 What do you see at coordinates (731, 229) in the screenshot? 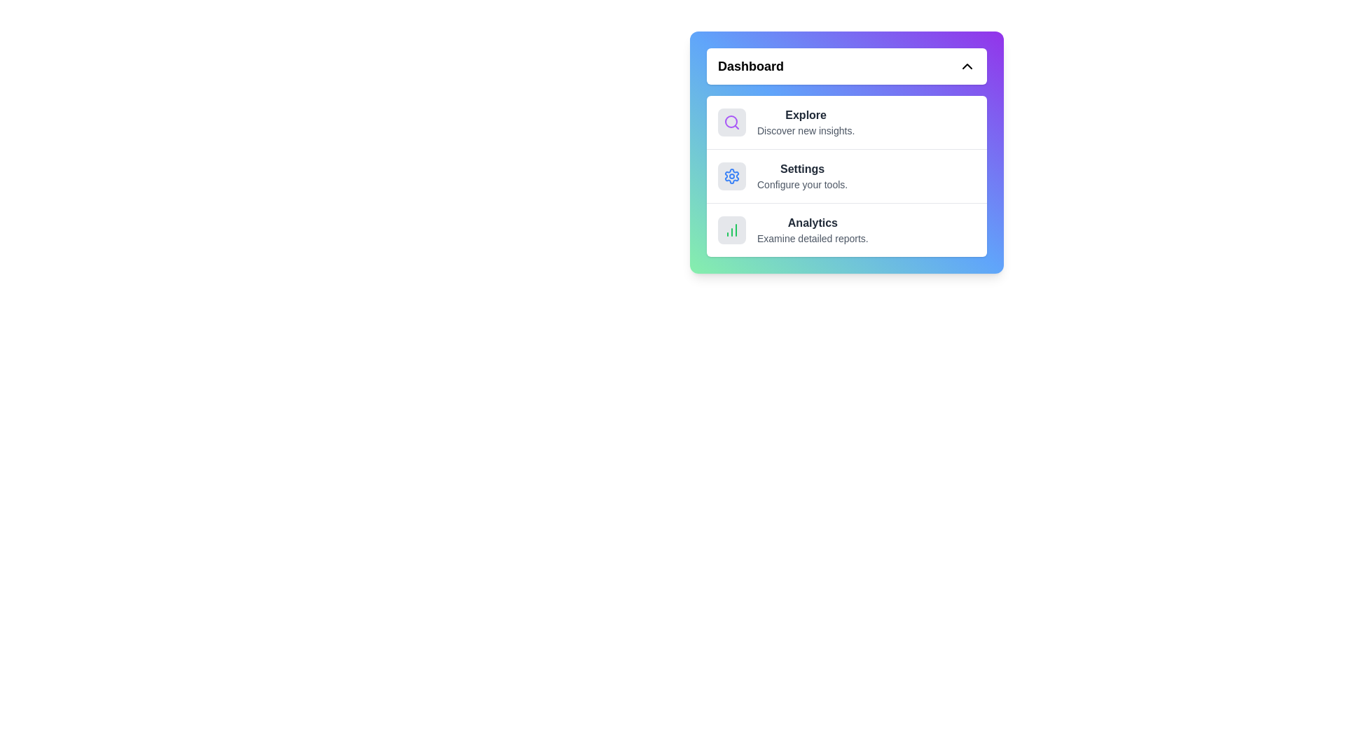
I see `the icon corresponding to the menu item Analytics` at bounding box center [731, 229].